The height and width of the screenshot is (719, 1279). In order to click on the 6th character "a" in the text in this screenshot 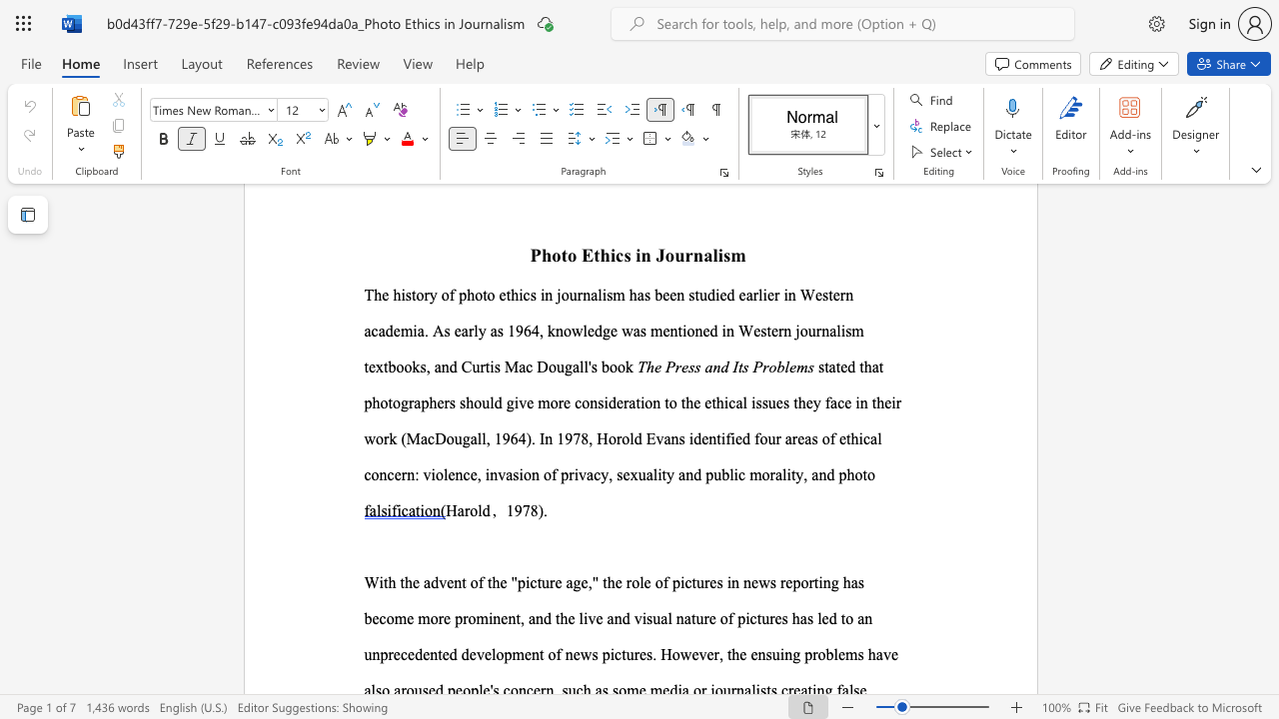, I will do `click(649, 474)`.